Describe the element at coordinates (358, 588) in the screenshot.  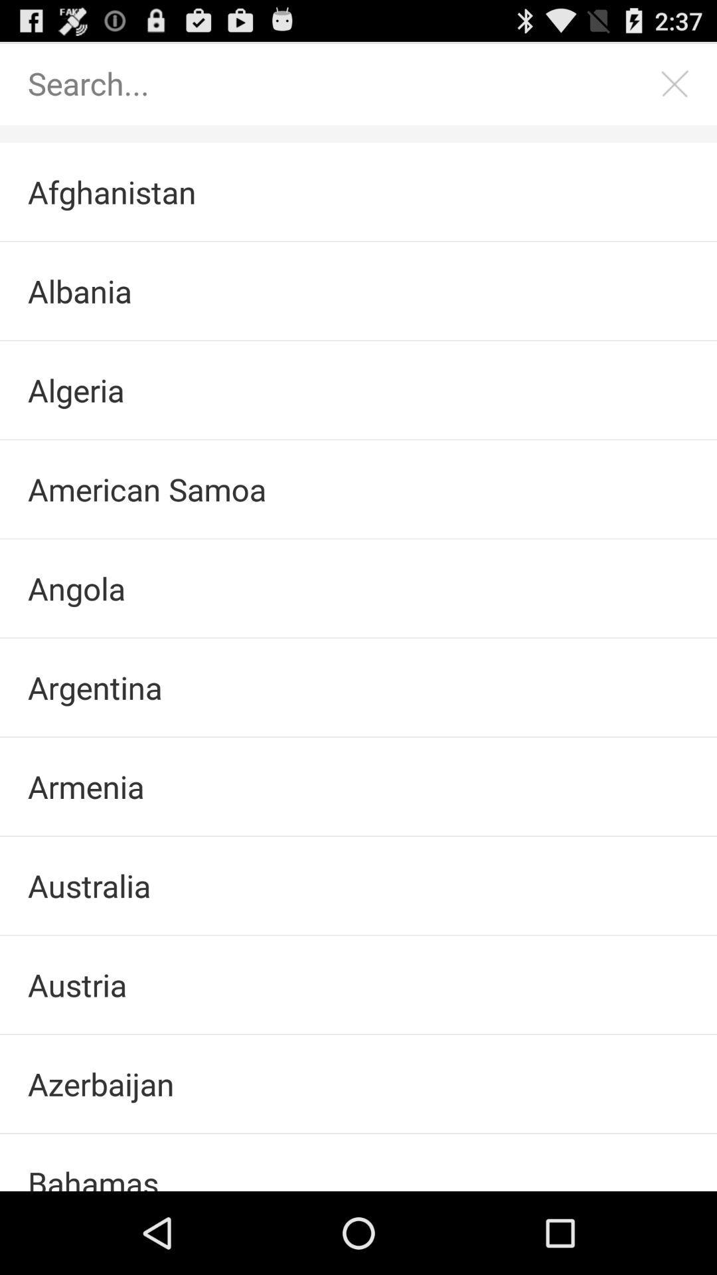
I see `angola item` at that location.